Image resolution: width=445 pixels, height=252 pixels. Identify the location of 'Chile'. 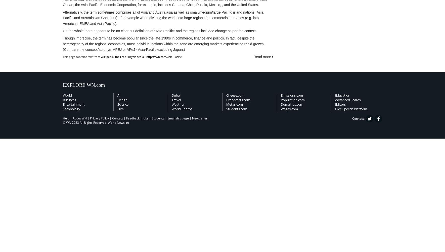
(190, 5).